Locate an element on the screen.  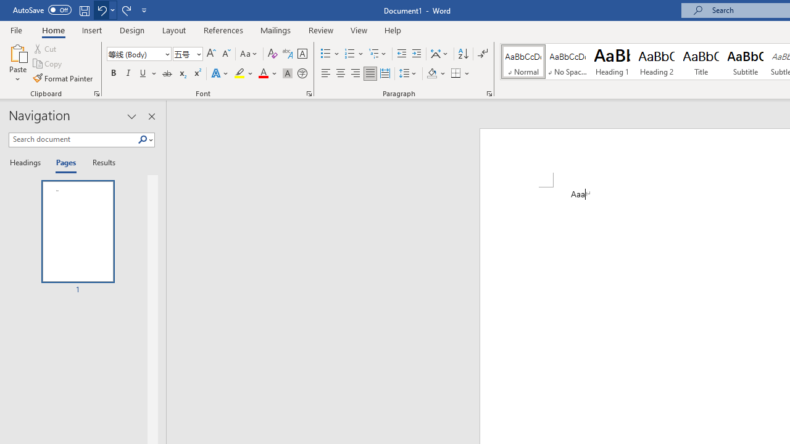
'Character Shading' is located at coordinates (286, 73).